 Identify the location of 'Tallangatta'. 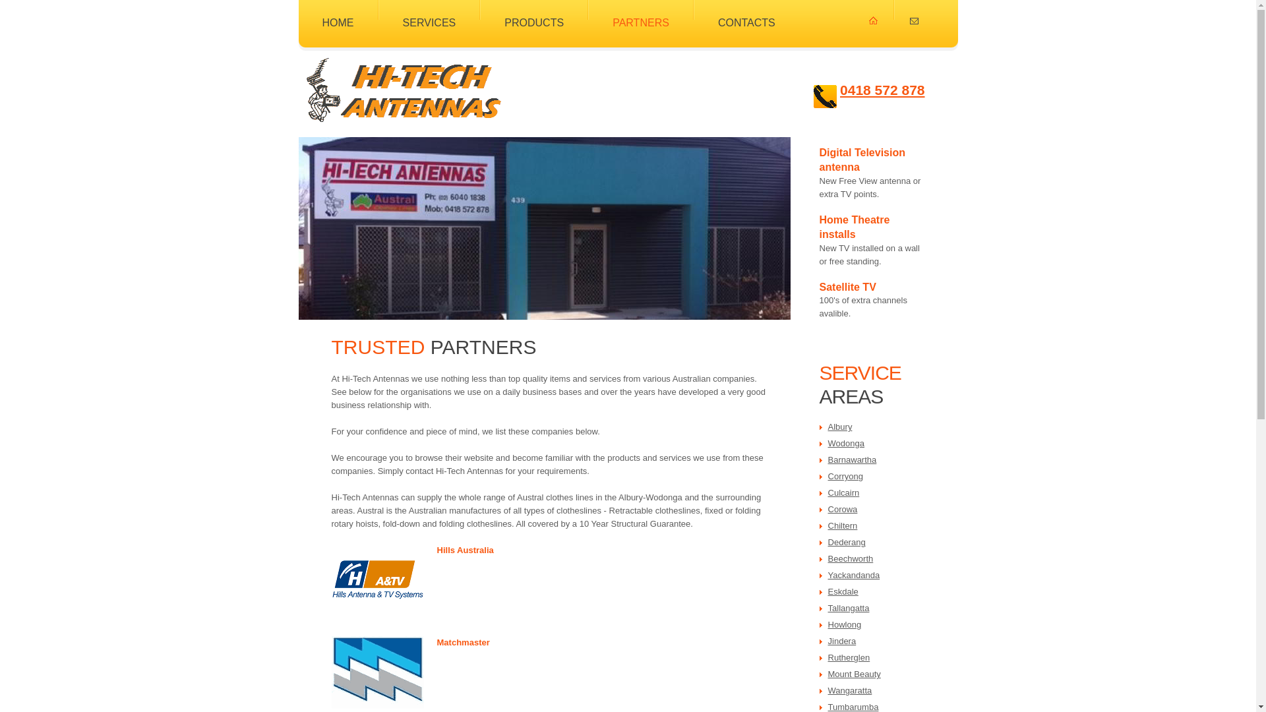
(849, 608).